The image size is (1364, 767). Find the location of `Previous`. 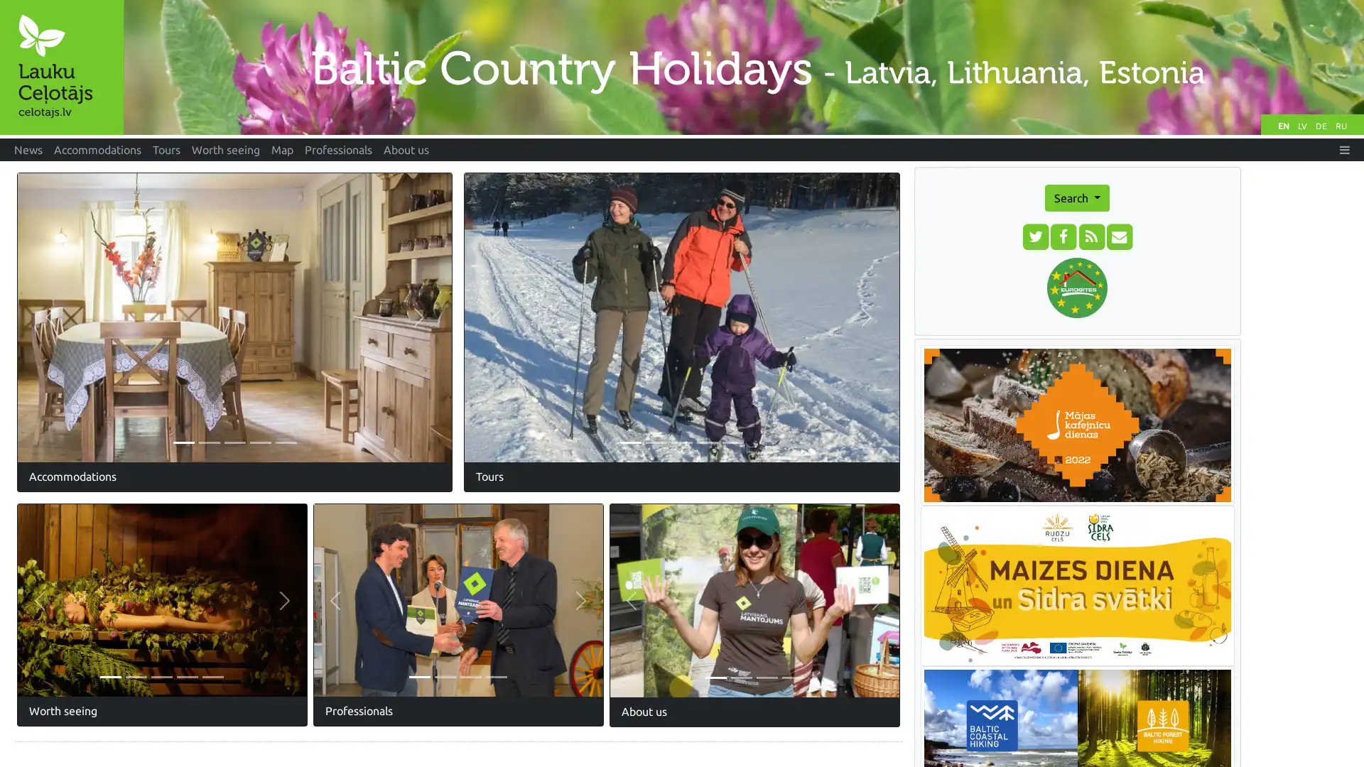

Previous is located at coordinates (39, 600).